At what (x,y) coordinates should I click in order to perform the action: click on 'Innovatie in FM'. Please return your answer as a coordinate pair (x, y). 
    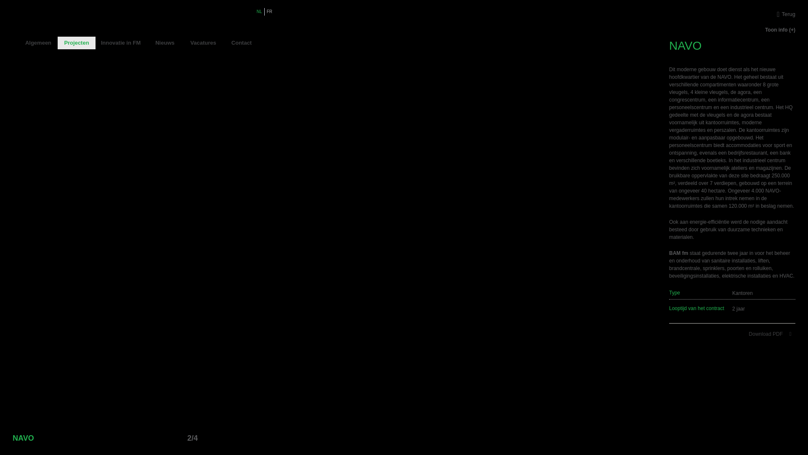
    Looking at the image, I should click on (96, 43).